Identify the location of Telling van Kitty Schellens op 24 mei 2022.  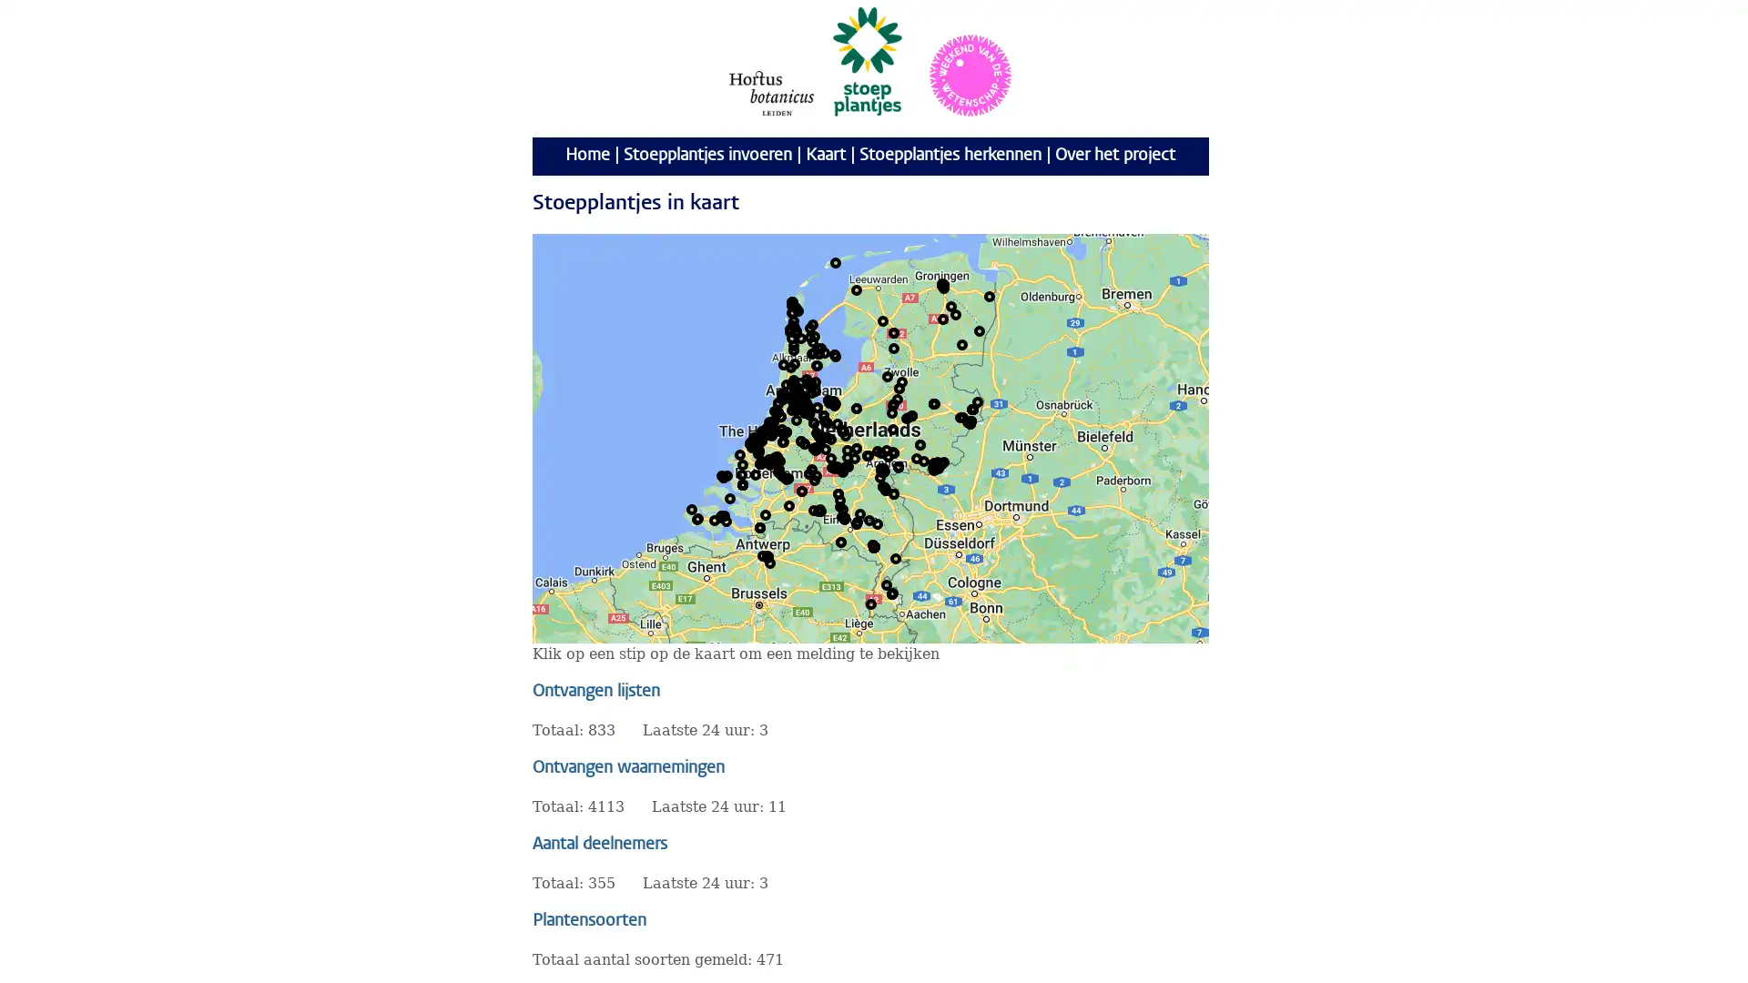
(843, 518).